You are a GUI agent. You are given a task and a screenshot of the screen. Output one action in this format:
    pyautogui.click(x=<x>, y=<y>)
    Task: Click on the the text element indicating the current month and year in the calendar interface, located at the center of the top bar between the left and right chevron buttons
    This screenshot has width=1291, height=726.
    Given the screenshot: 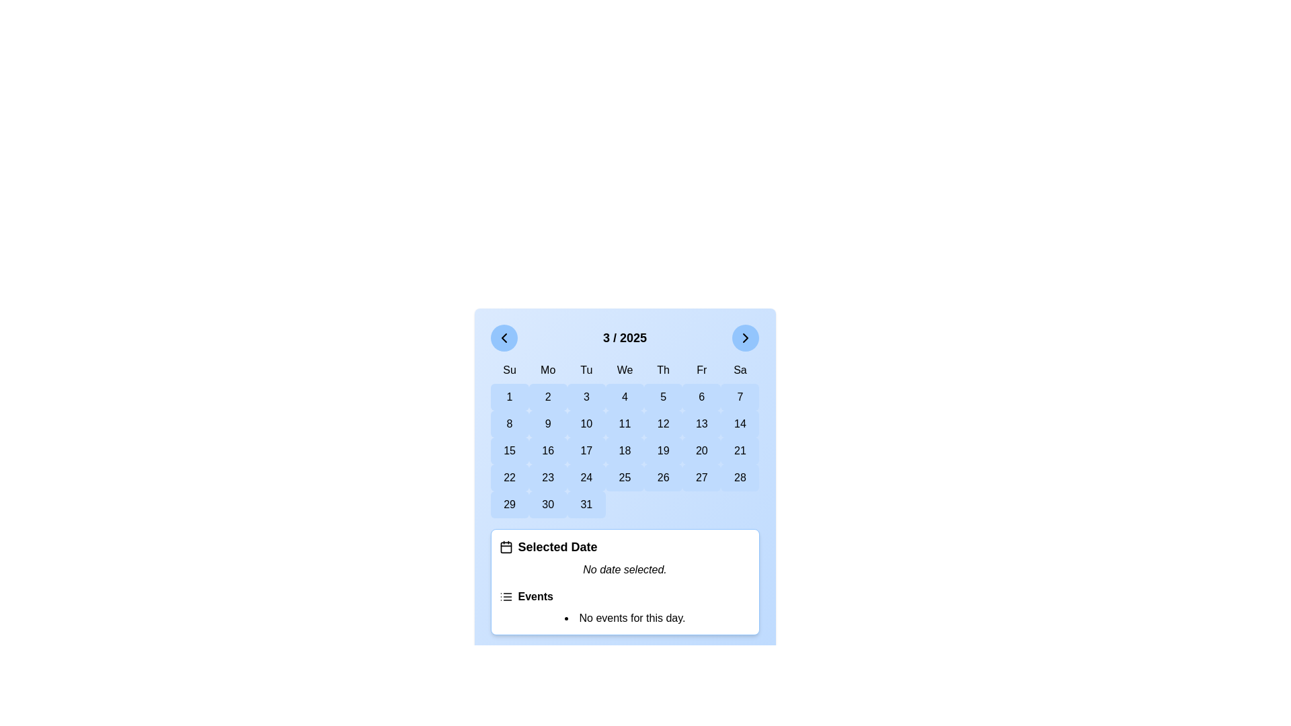 What is the action you would take?
    pyautogui.click(x=624, y=337)
    